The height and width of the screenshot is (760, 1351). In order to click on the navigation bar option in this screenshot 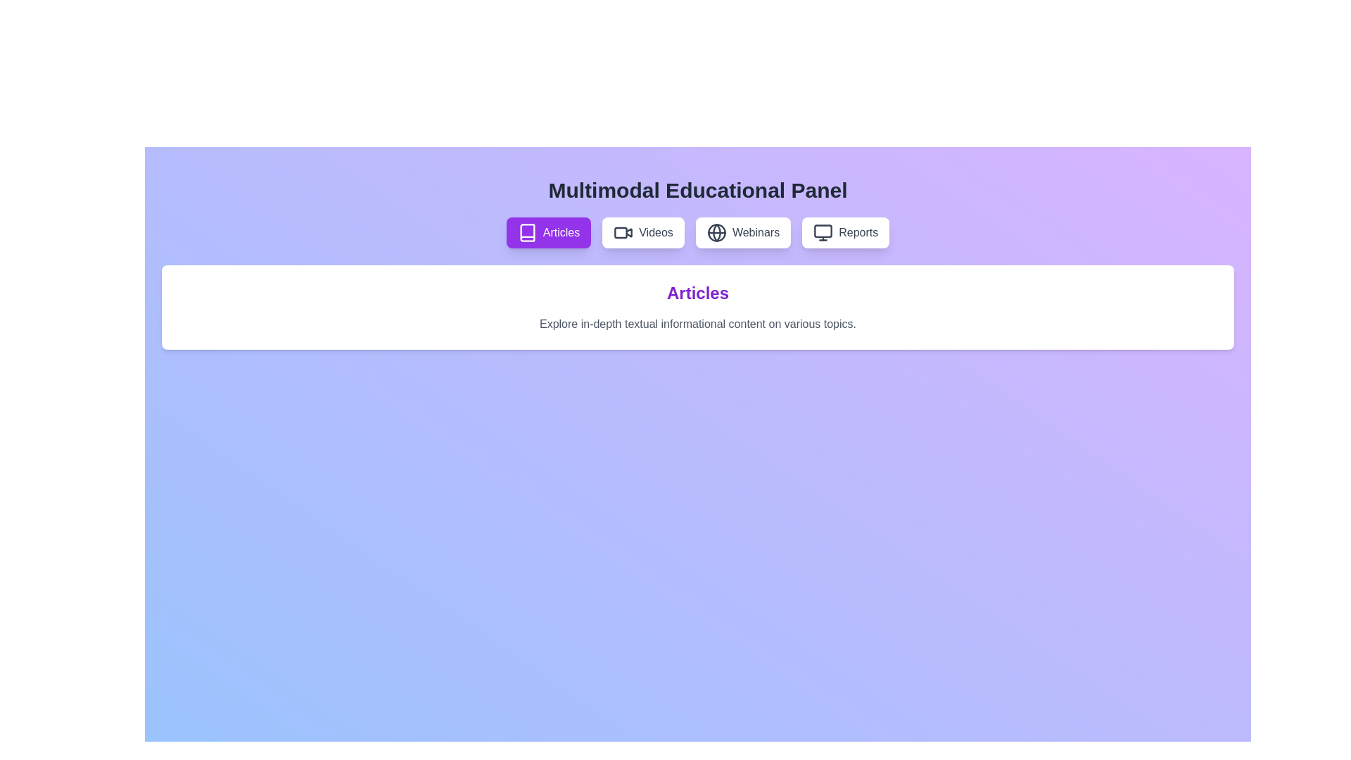, I will do `click(698, 232)`.